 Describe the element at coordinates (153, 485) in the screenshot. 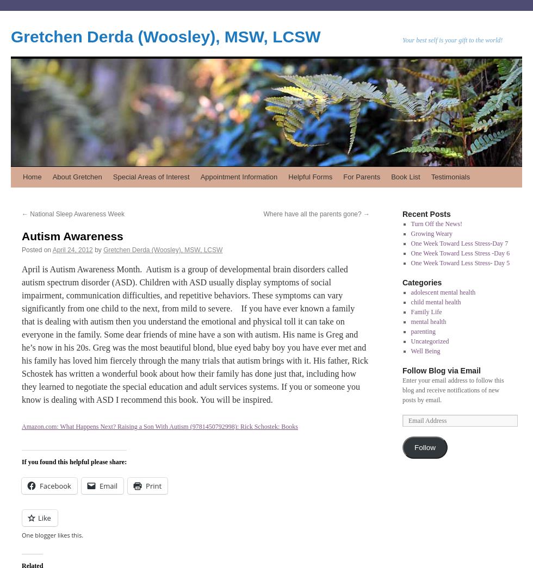

I see `'Print'` at that location.